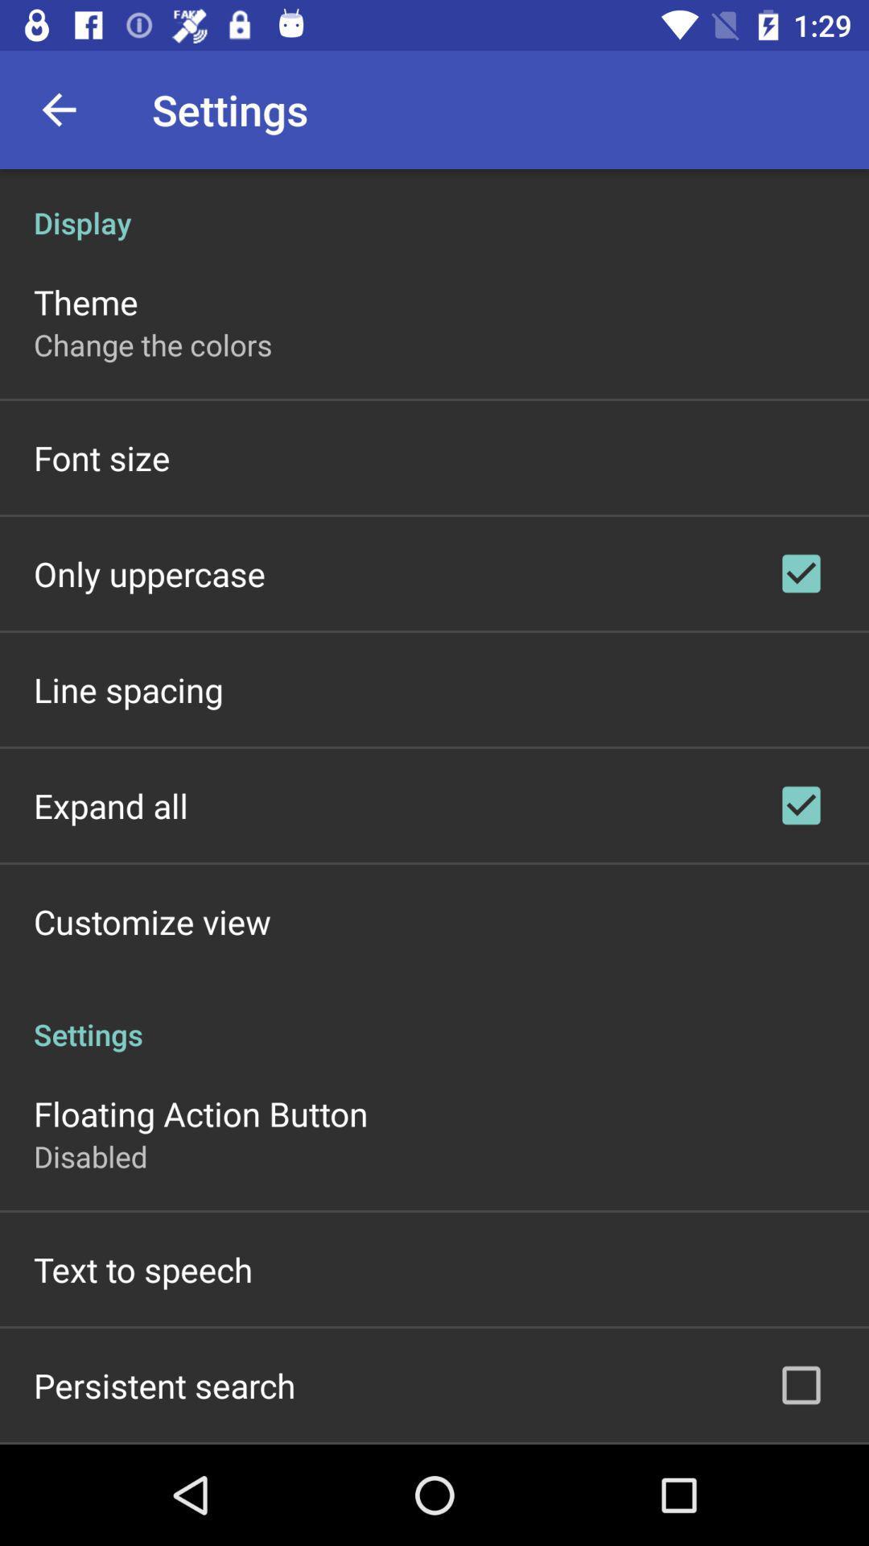  What do you see at coordinates (85, 301) in the screenshot?
I see `item above the change the colors` at bounding box center [85, 301].